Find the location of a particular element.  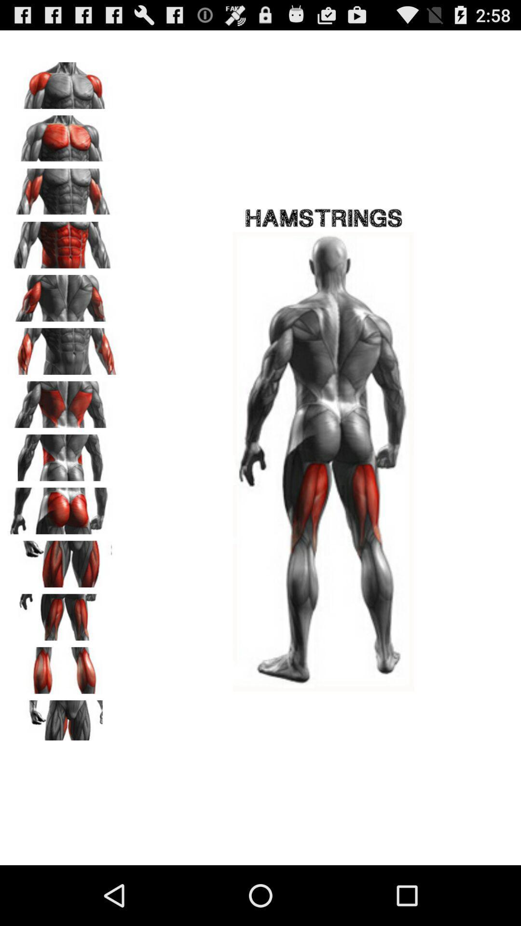

upper back muscles is located at coordinates (63, 401).